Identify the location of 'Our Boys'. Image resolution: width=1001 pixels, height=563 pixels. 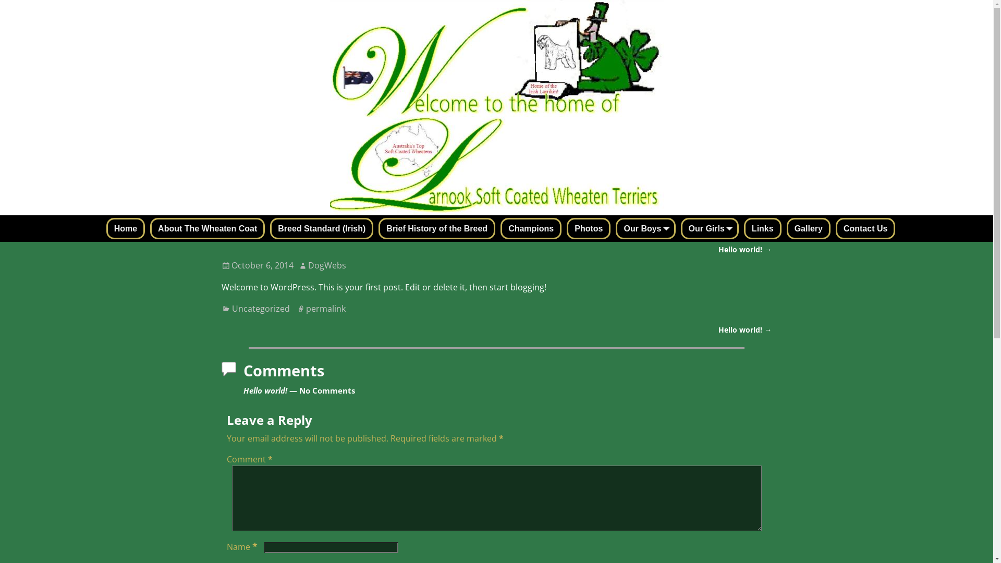
(645, 228).